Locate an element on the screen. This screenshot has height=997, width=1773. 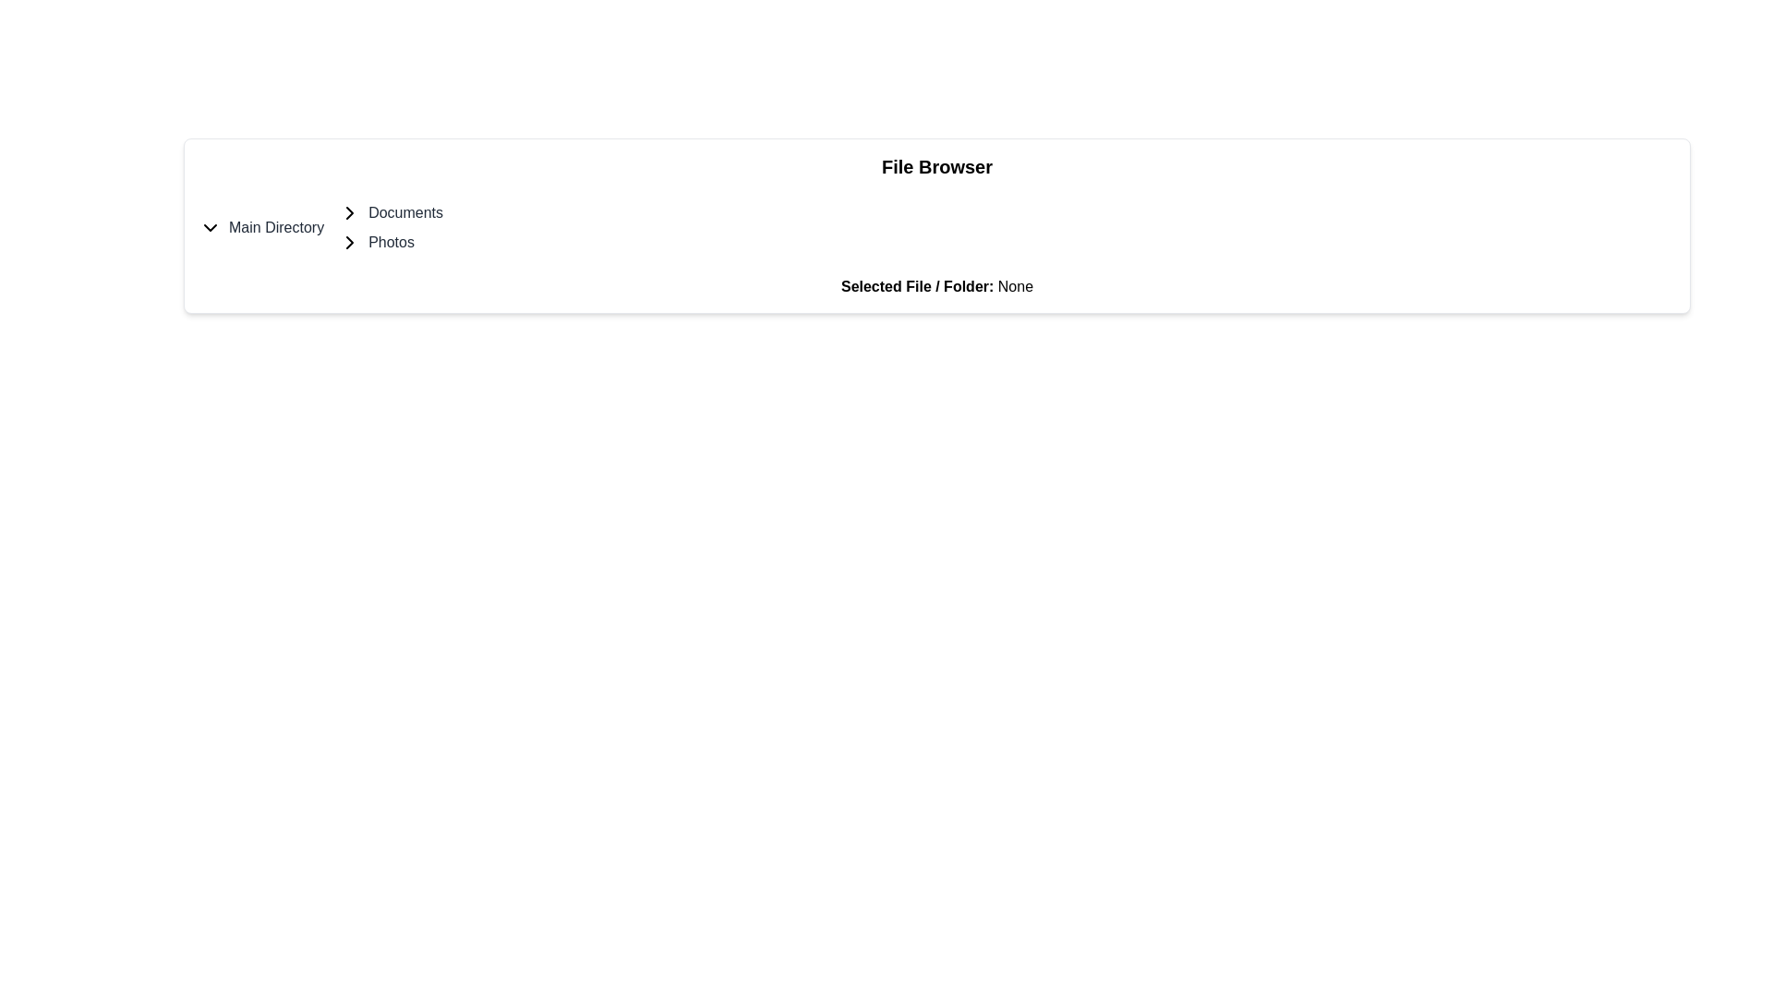
the interactive text label representing the 'Photos' folder is located at coordinates (391, 241).